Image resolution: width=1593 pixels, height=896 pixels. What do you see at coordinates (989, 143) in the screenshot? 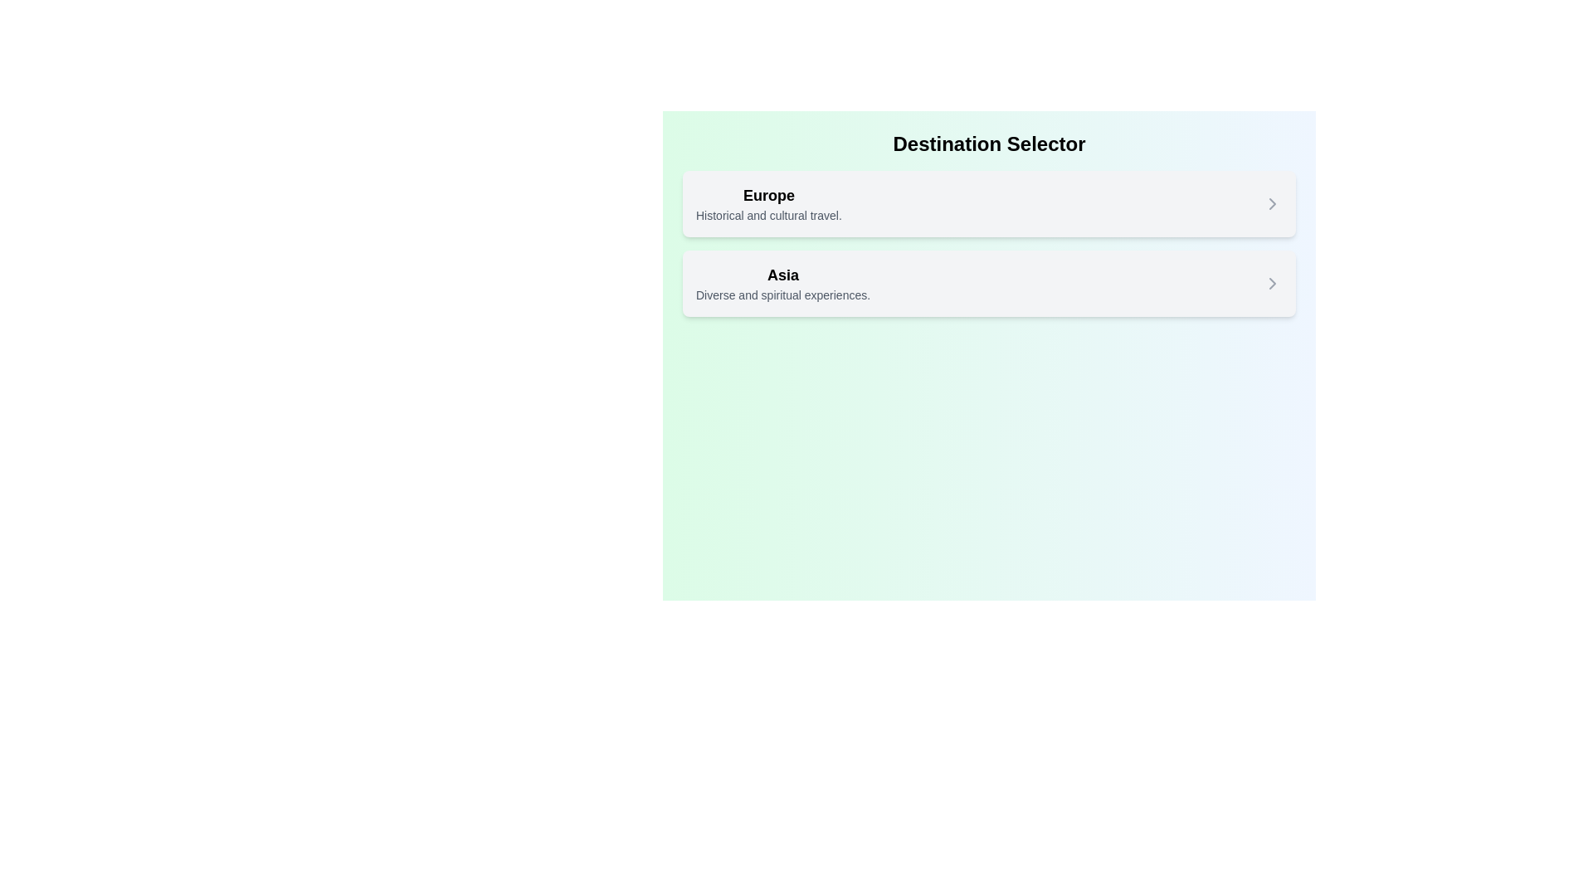
I see `the header text located at the top center of the layout, which introduces the functionality of the interface` at bounding box center [989, 143].